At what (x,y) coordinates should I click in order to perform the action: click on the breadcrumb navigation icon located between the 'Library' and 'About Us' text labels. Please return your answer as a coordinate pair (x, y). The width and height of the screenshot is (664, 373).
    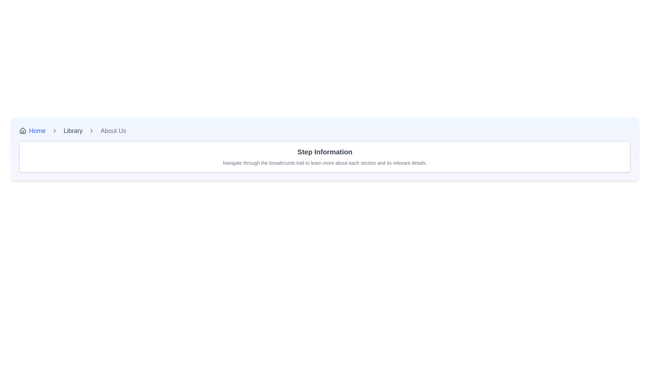
    Looking at the image, I should click on (54, 131).